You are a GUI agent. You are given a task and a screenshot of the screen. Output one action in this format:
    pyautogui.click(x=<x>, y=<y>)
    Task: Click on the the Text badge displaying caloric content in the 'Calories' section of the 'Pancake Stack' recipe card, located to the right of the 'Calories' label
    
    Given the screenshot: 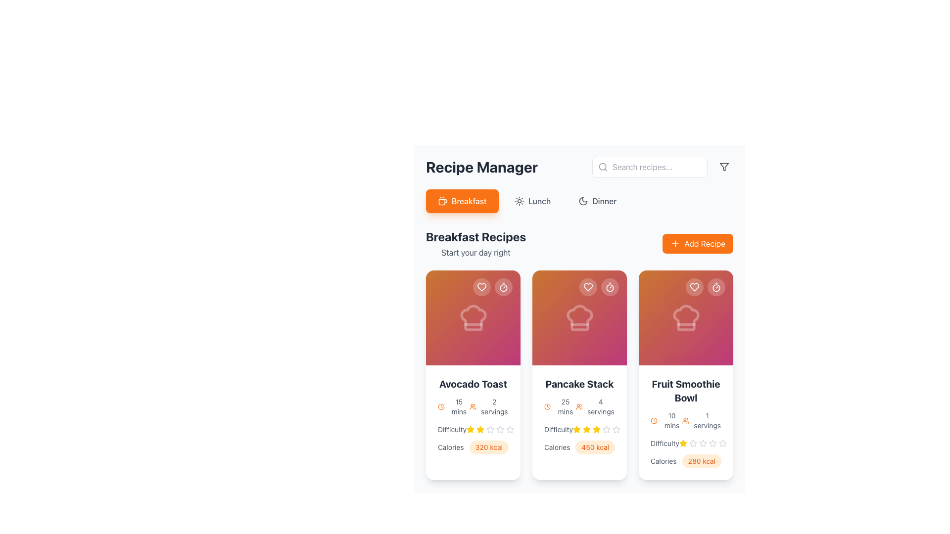 What is the action you would take?
    pyautogui.click(x=595, y=447)
    